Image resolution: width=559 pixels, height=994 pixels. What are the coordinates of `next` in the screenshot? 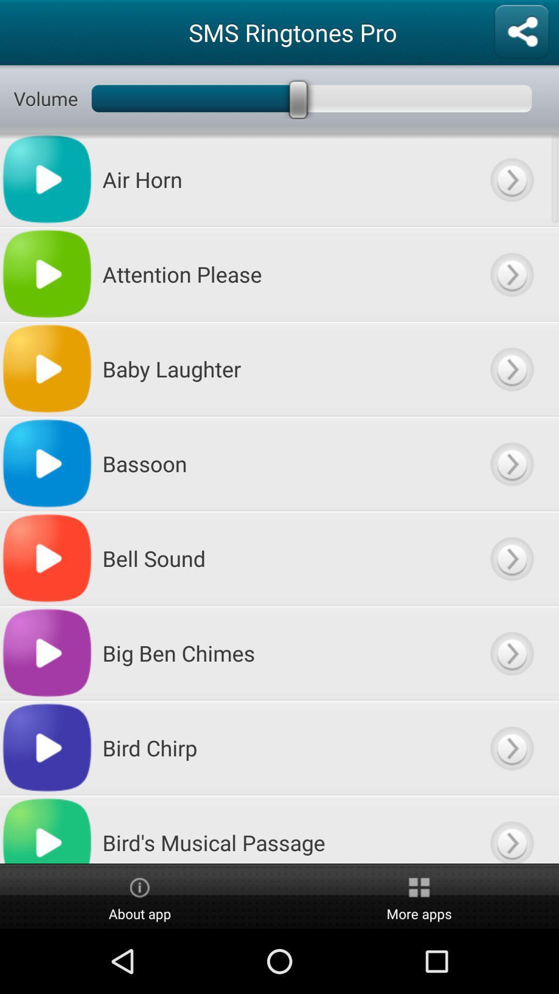 It's located at (511, 829).